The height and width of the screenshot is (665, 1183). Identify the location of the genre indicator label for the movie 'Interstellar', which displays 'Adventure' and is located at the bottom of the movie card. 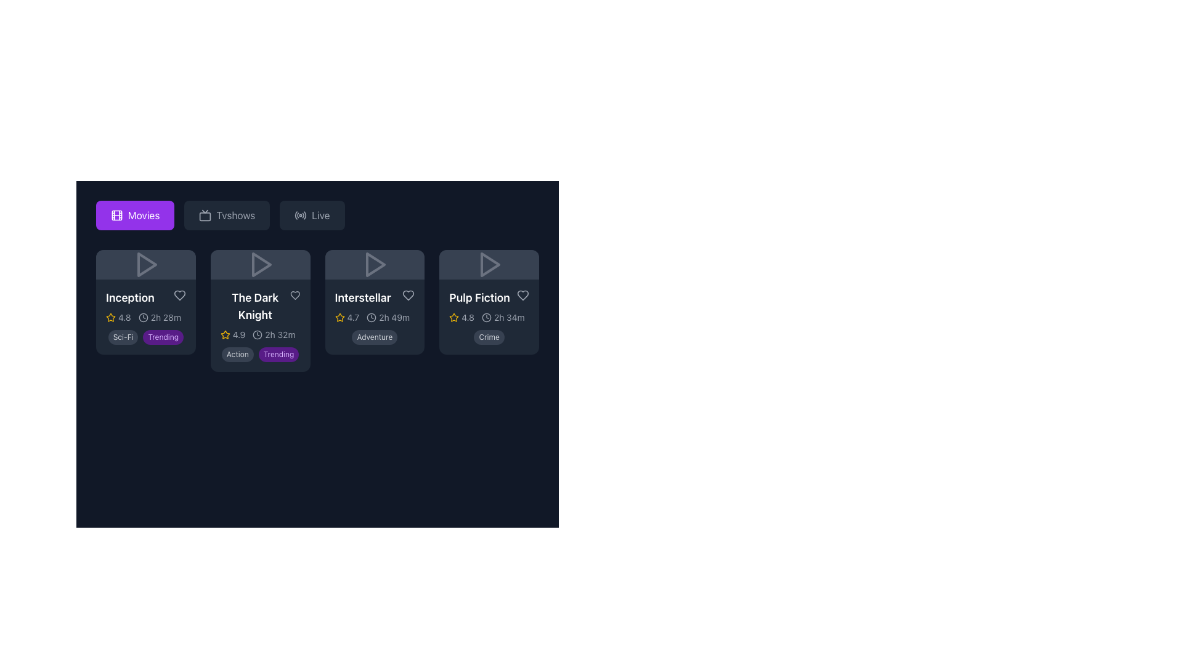
(374, 337).